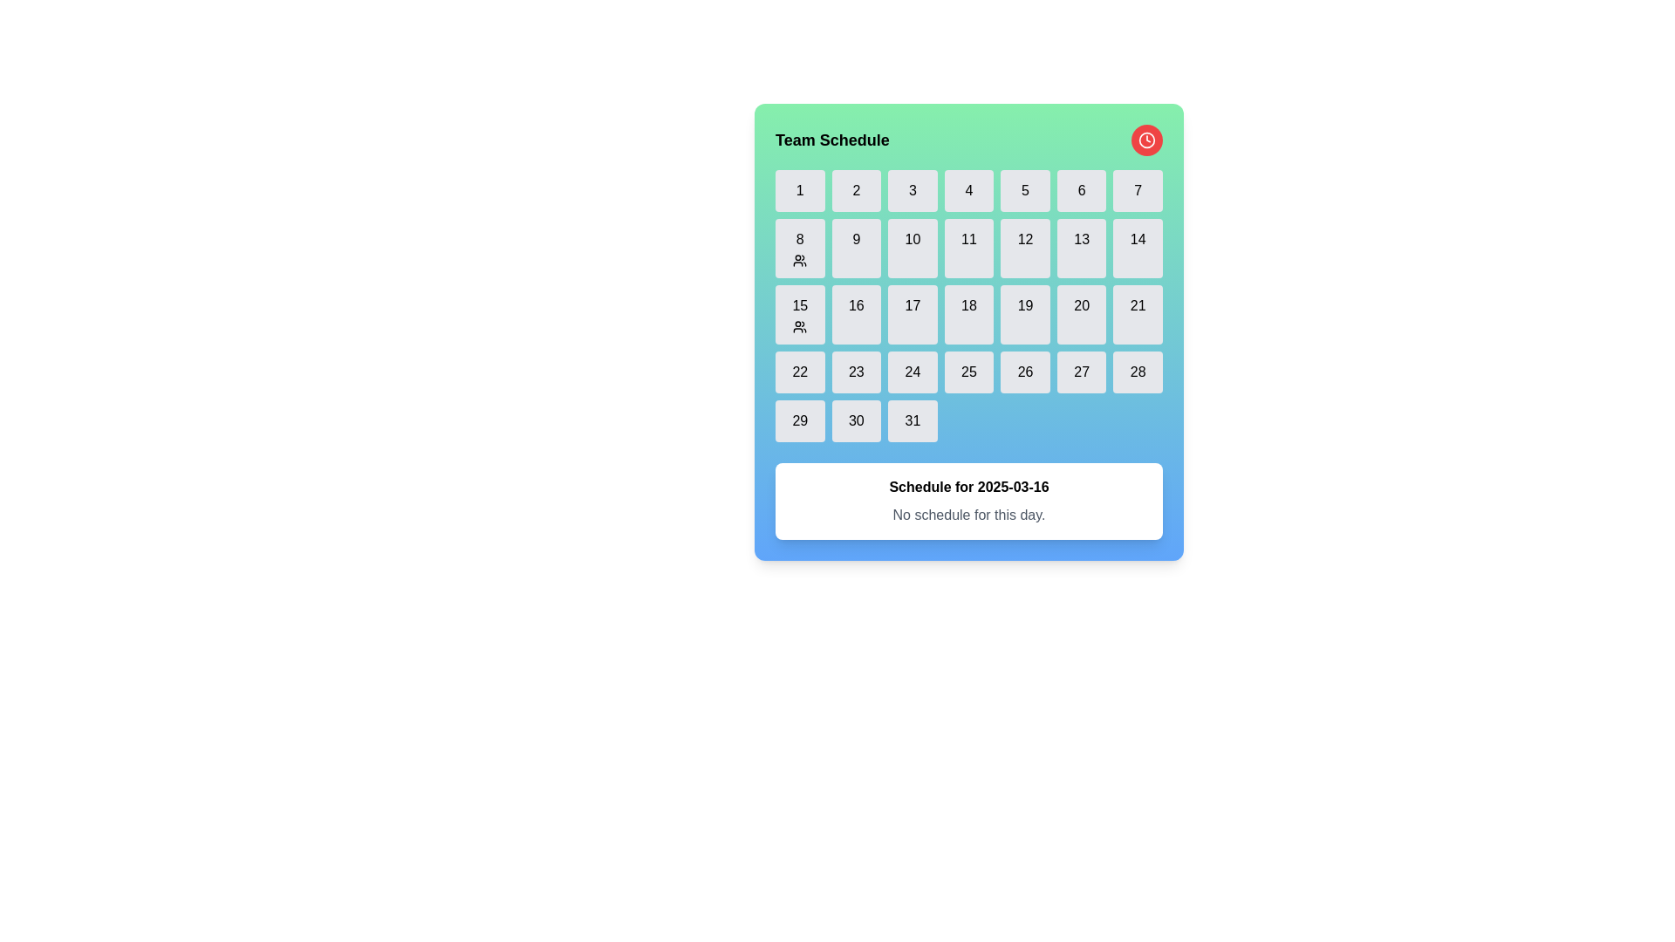  Describe the element at coordinates (1025, 191) in the screenshot. I see `the rectangular button labeled '5' that is located in the top row of the grid in the calendar layout` at that location.